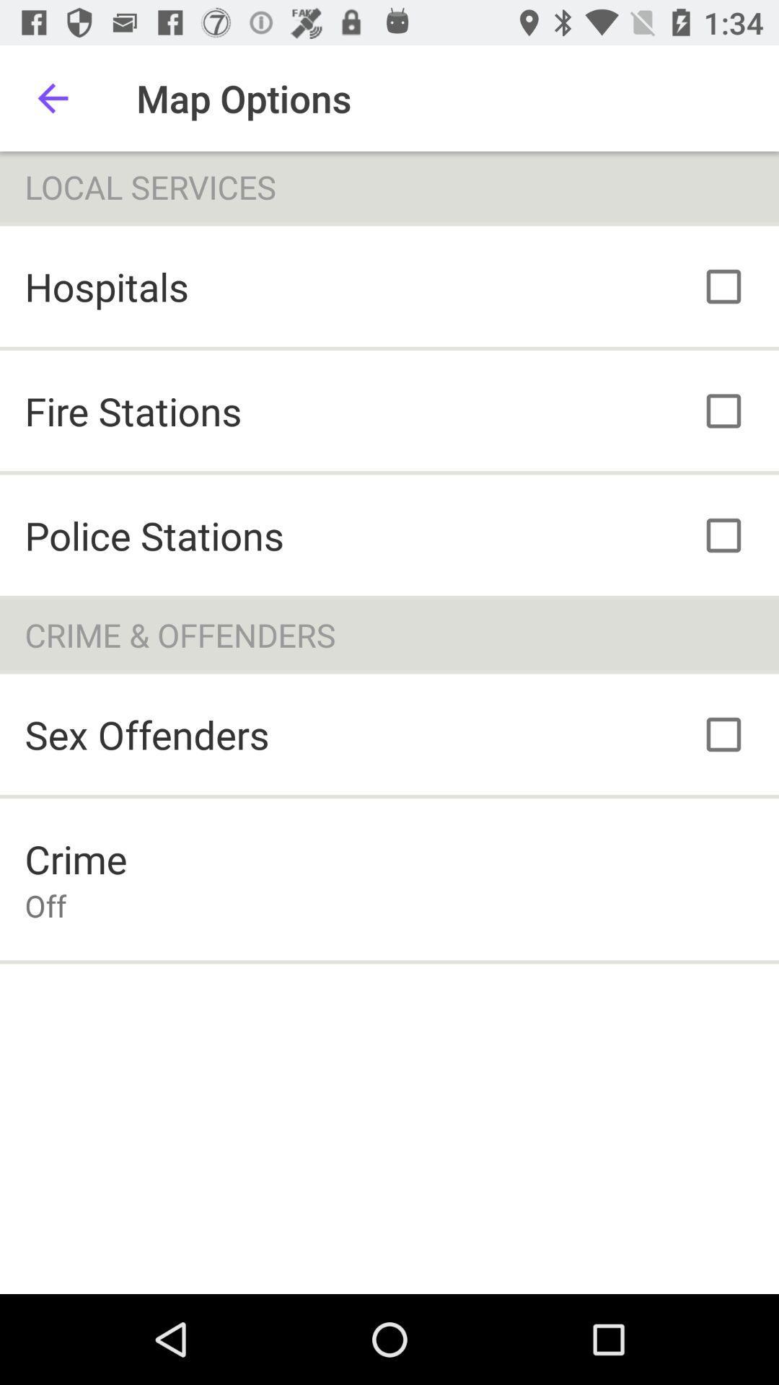 Image resolution: width=779 pixels, height=1385 pixels. What do you see at coordinates (147, 734) in the screenshot?
I see `the icon below the crime & offenders` at bounding box center [147, 734].